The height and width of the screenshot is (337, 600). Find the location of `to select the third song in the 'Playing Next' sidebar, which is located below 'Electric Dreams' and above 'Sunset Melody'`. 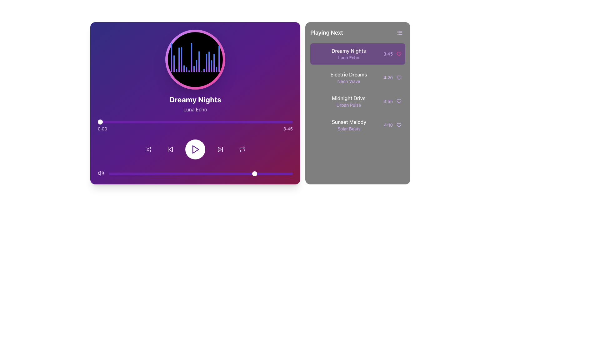

to select the third song in the 'Playing Next' sidebar, which is located below 'Electric Dreams' and above 'Sunset Melody' is located at coordinates (357, 101).